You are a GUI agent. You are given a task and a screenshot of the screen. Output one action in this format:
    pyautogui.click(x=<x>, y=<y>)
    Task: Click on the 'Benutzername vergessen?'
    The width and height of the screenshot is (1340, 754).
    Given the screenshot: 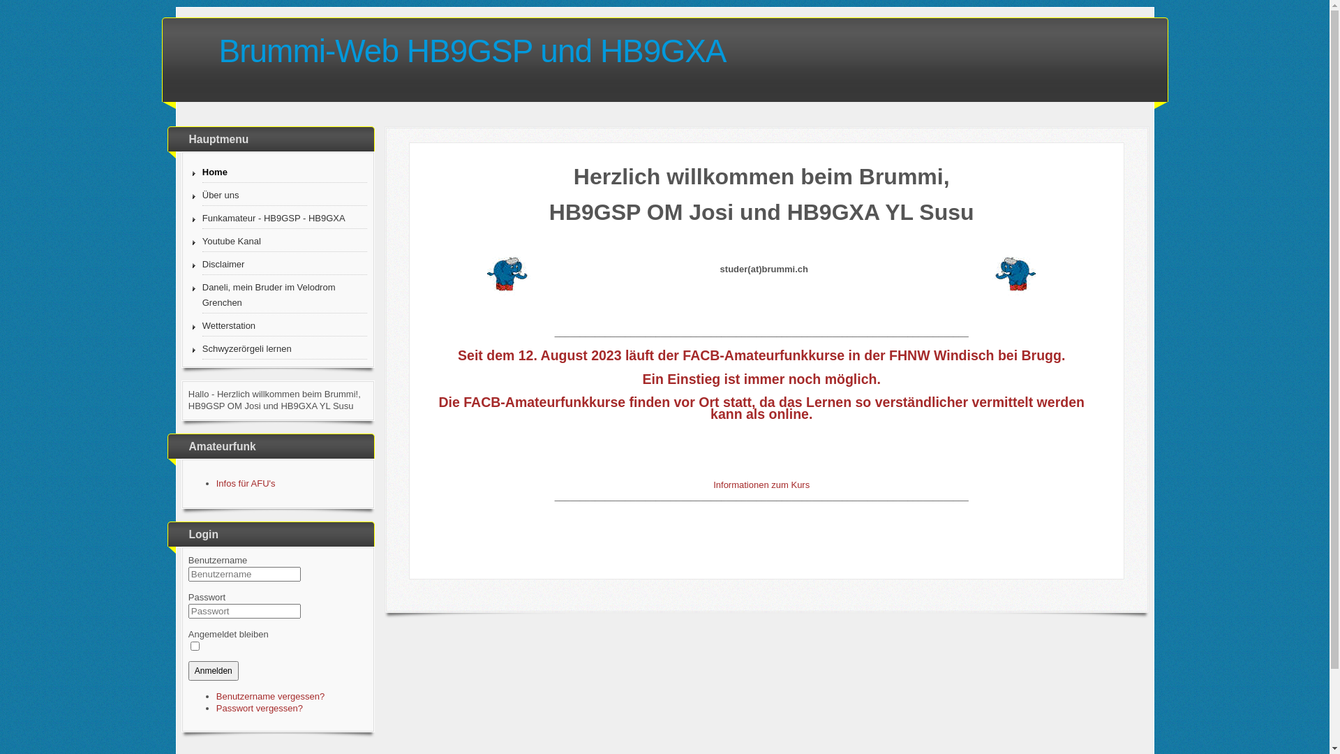 What is the action you would take?
    pyautogui.click(x=270, y=696)
    